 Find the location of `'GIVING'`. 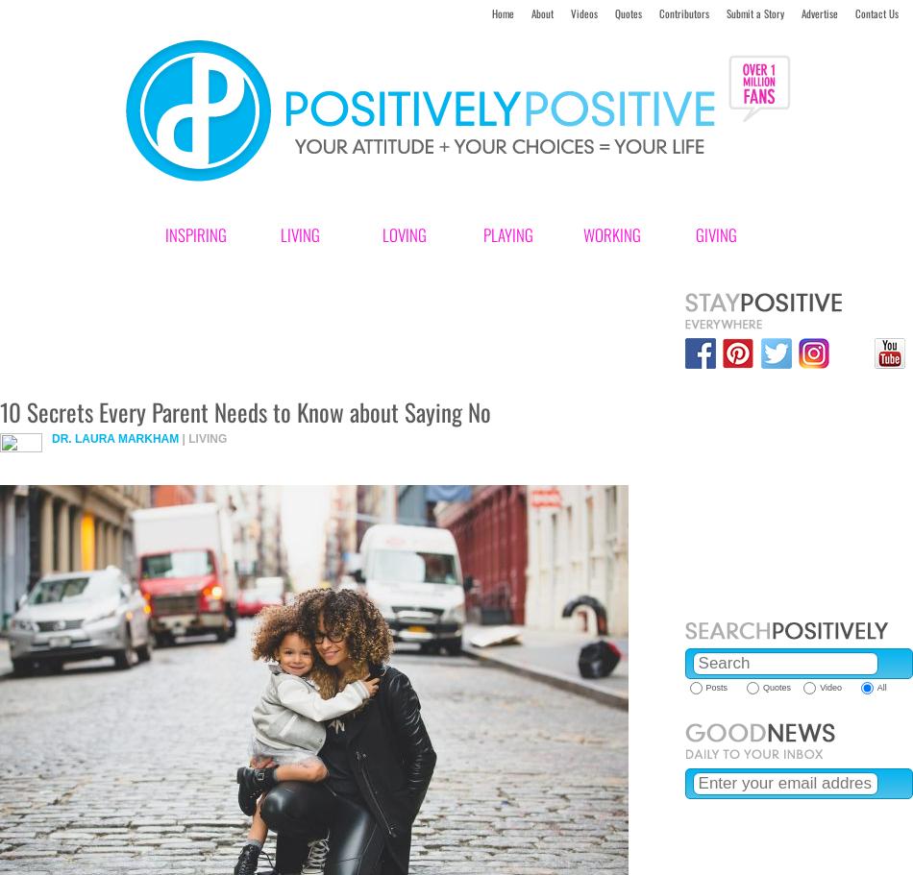

'GIVING' is located at coordinates (694, 234).